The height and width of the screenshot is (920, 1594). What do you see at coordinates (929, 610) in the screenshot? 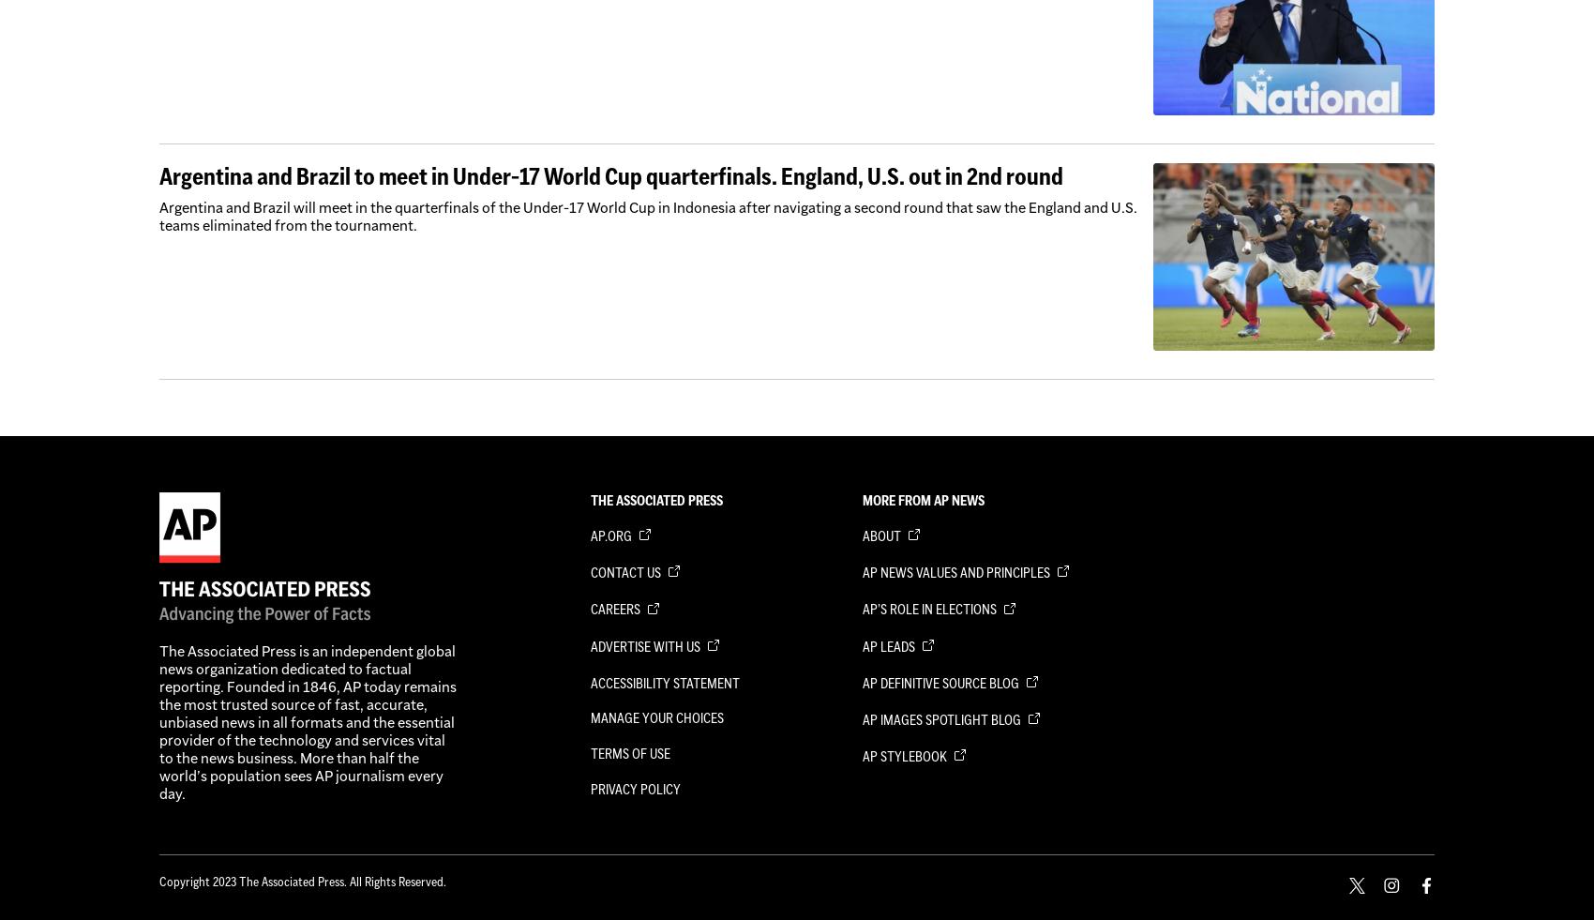
I see `'AP’s Role in Elections'` at bounding box center [929, 610].